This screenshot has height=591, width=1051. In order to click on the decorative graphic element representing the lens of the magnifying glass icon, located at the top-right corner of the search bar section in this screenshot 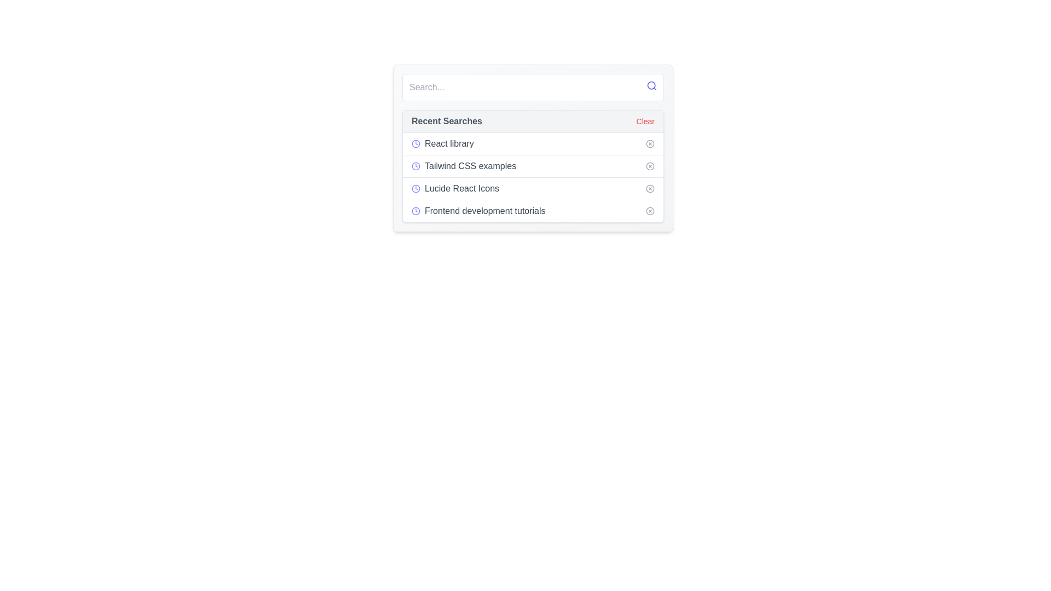, I will do `click(651, 85)`.